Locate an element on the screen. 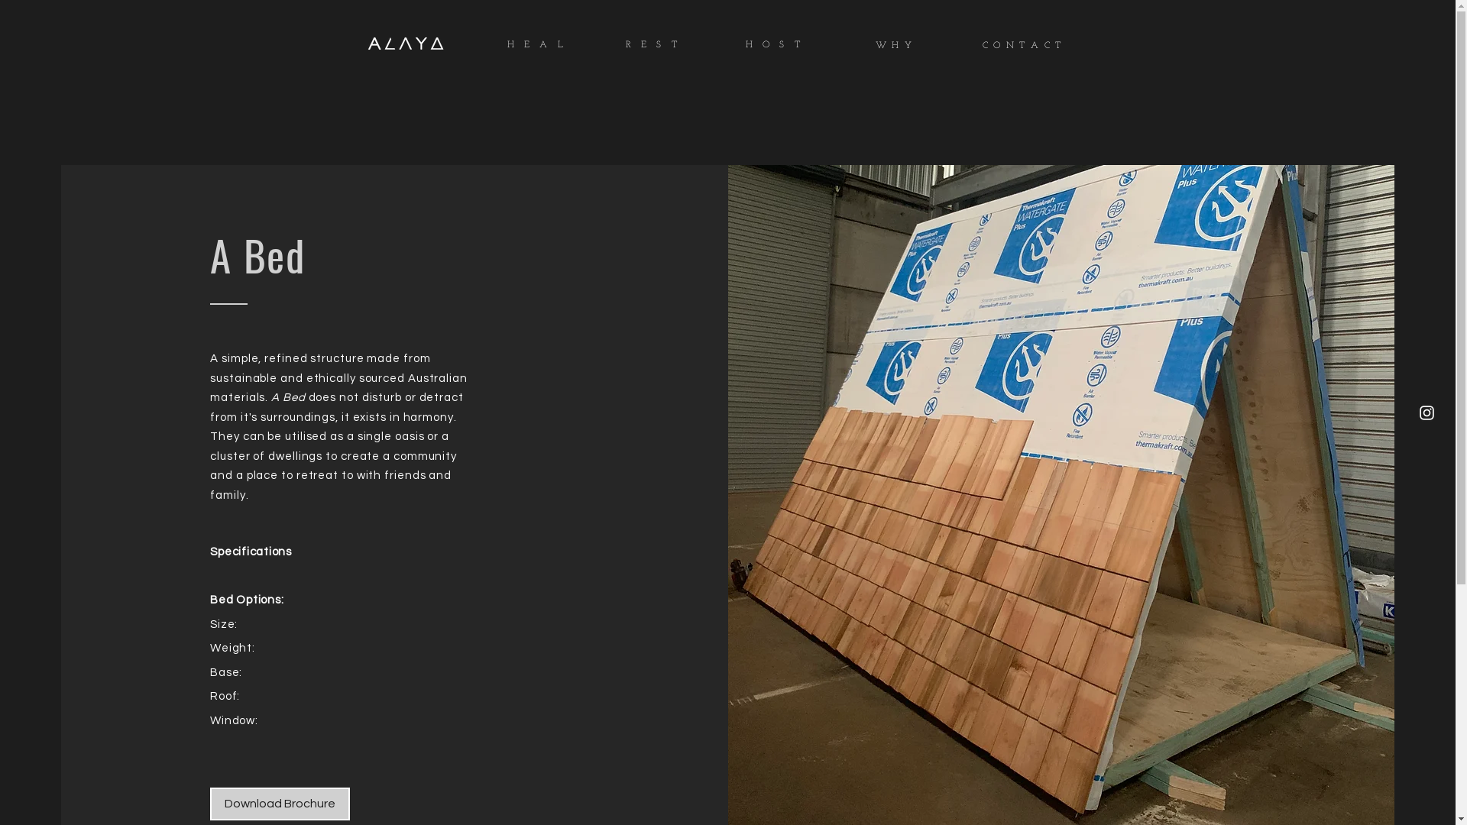 This screenshot has width=1467, height=825. 'H  O  S  T' is located at coordinates (773, 42).